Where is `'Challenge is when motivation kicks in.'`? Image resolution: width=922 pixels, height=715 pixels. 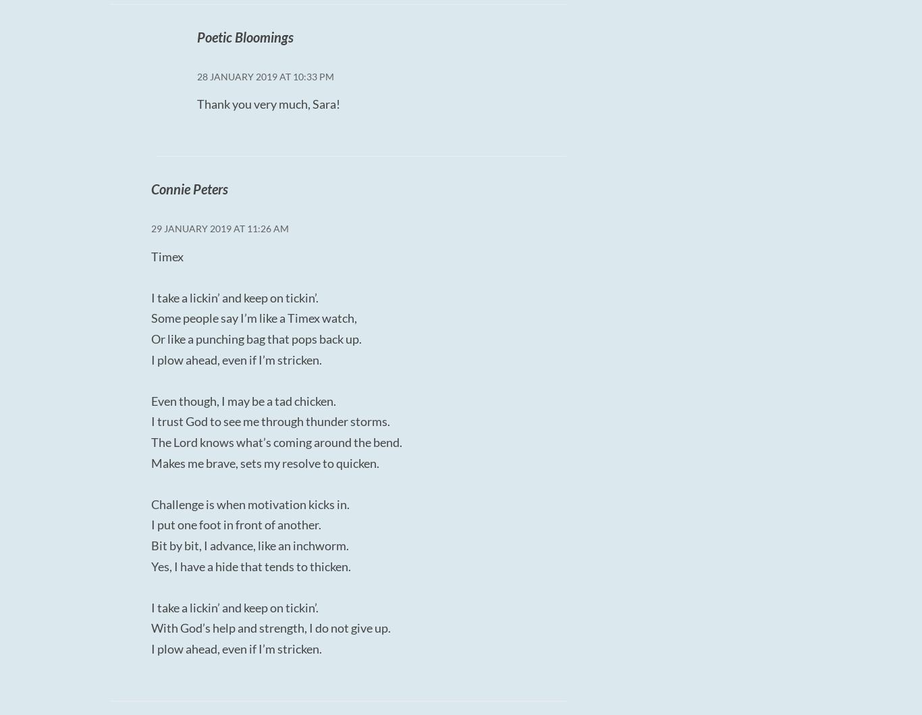
'Challenge is when motivation kicks in.' is located at coordinates (151, 502).